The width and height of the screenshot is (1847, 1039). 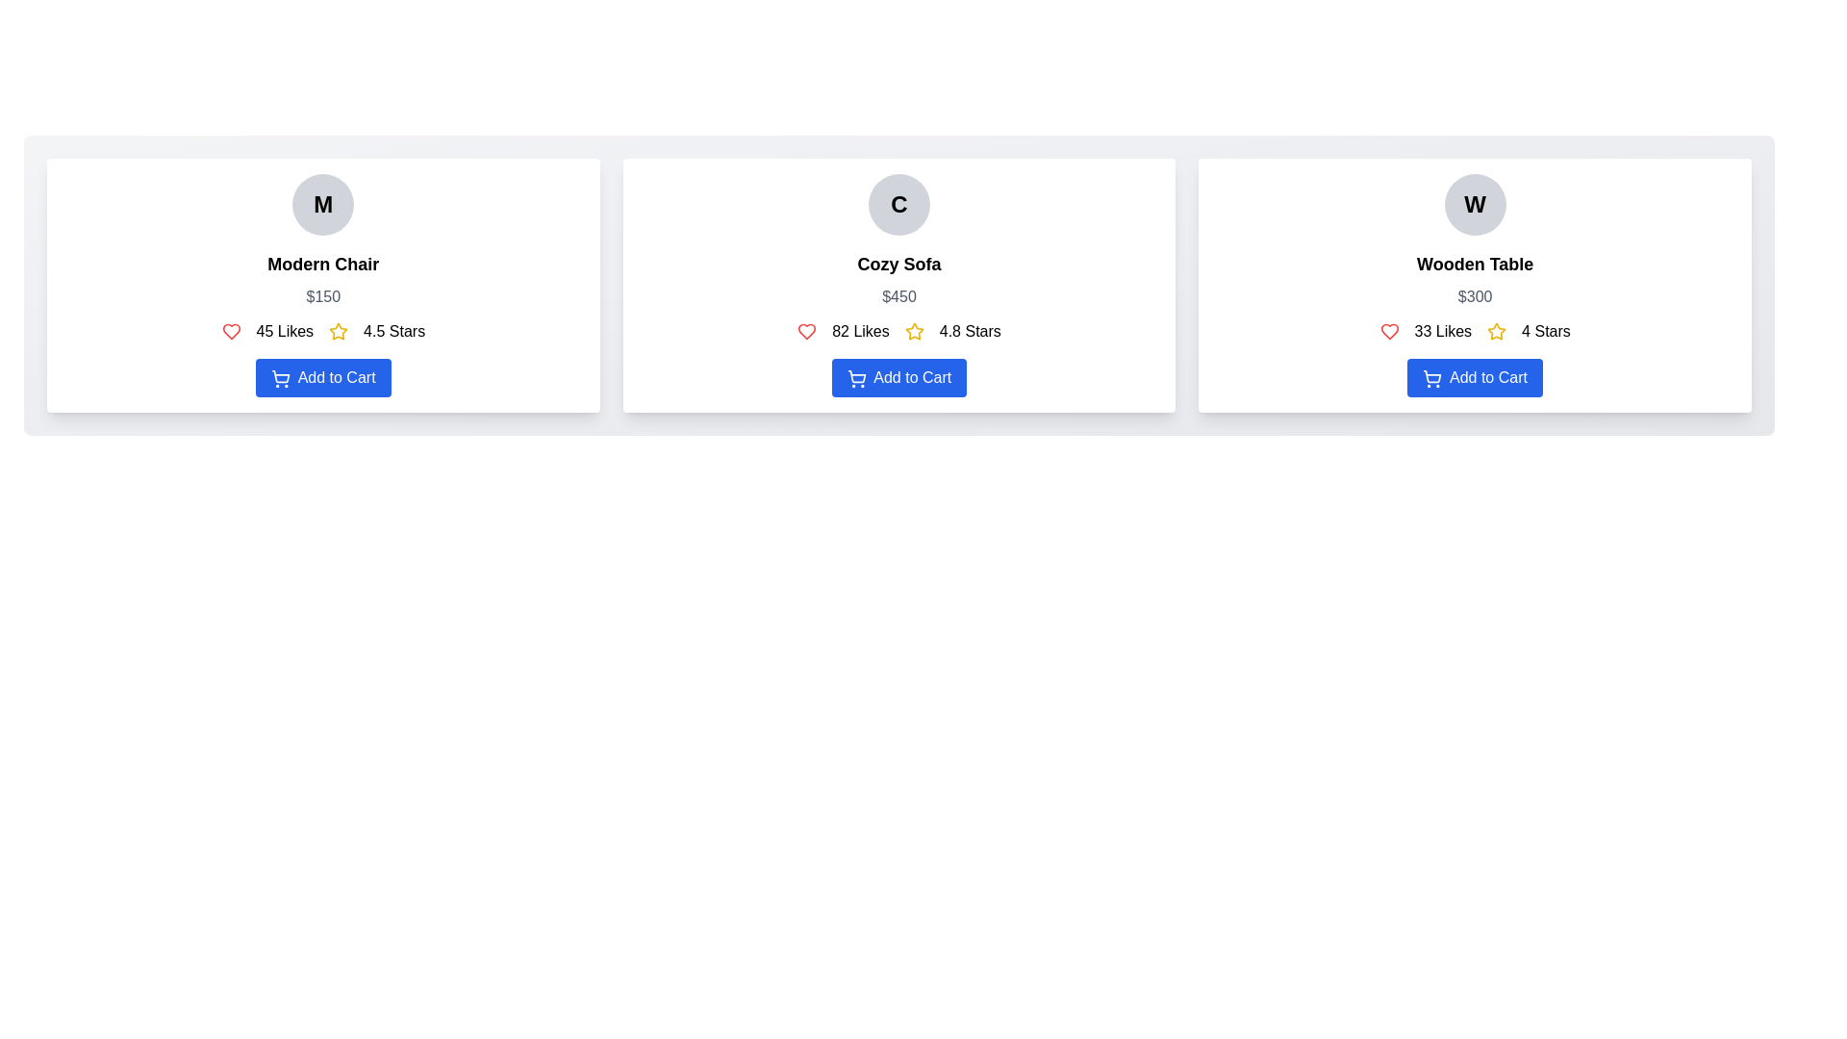 What do you see at coordinates (1443, 330) in the screenshot?
I see `the text label displaying '33 Likes', which is positioned next to the red heart icon and is part of the third card in the grid layout for the 'Wooden Table' product` at bounding box center [1443, 330].